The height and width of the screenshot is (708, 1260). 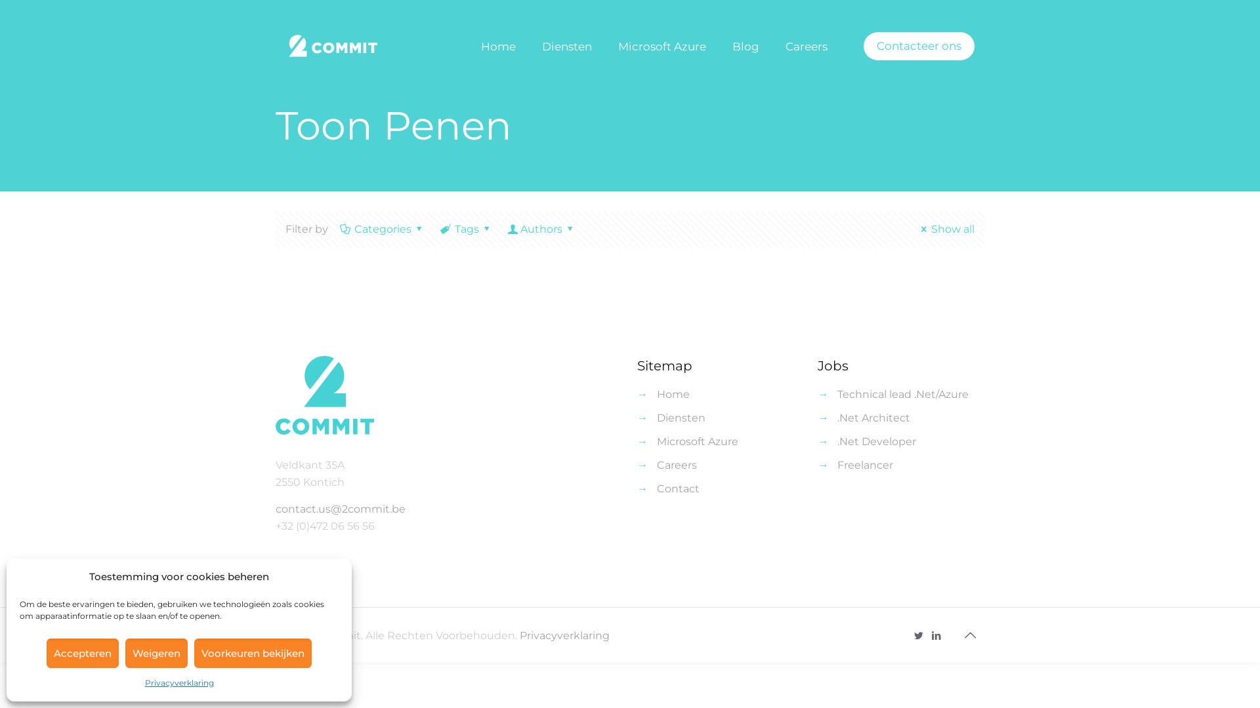 What do you see at coordinates (745, 45) in the screenshot?
I see `'Blog'` at bounding box center [745, 45].